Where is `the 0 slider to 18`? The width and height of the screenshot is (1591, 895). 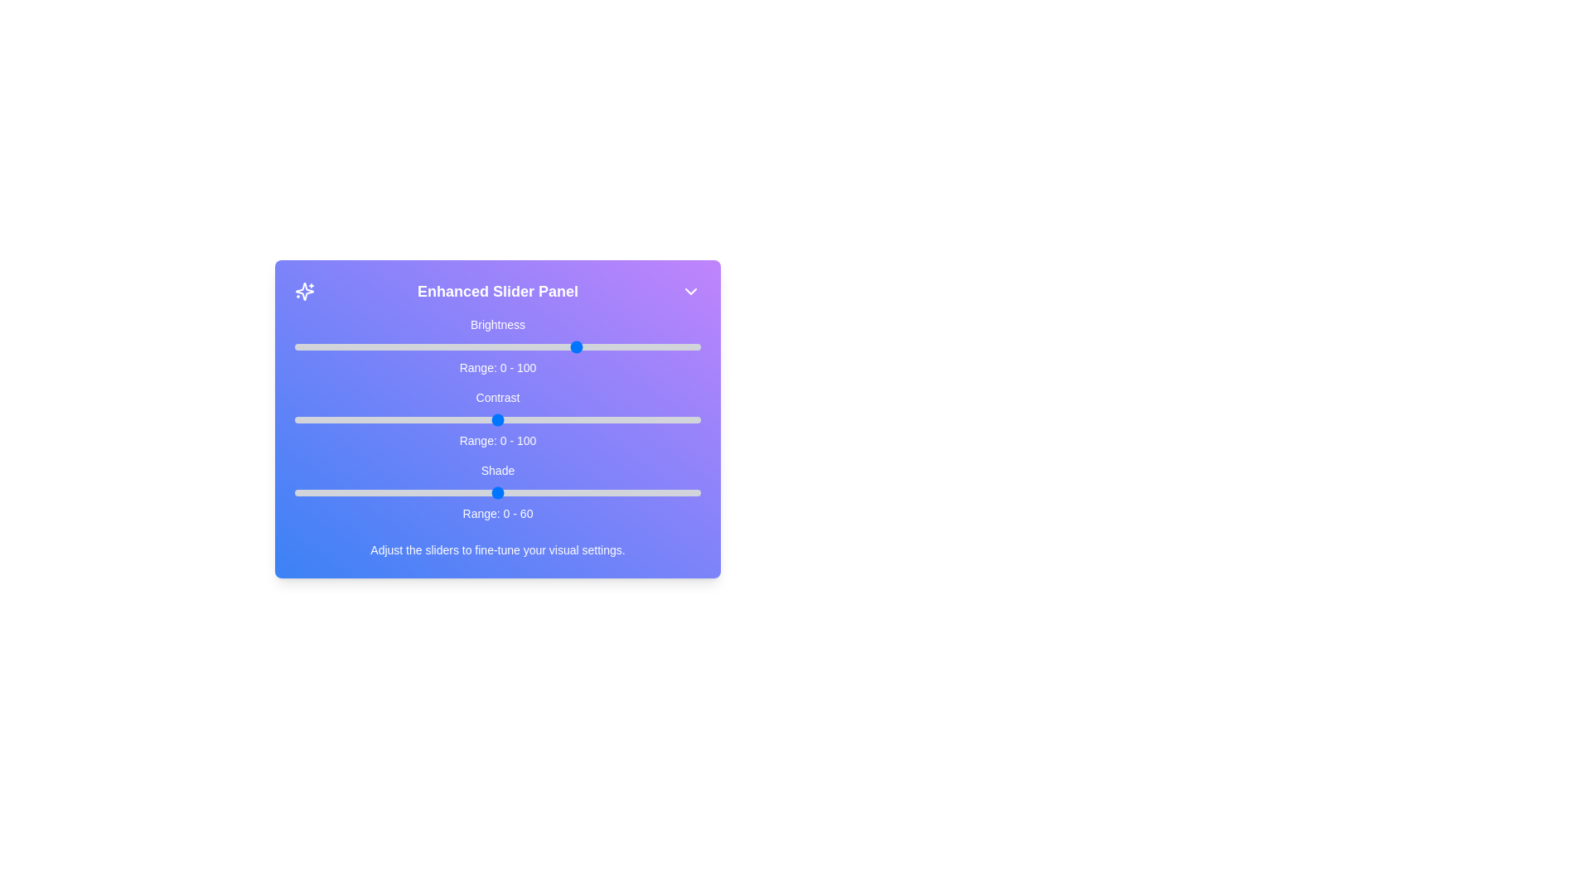 the 0 slider to 18 is located at coordinates (367, 346).